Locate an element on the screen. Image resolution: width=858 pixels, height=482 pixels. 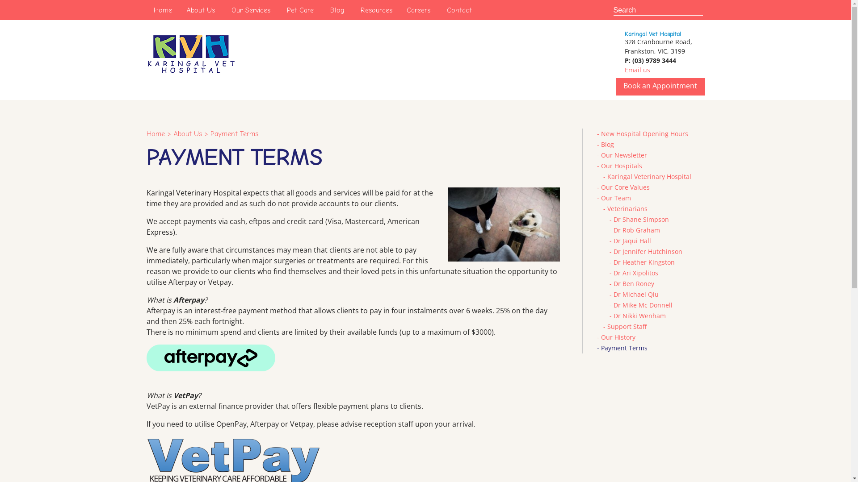
'Careers' is located at coordinates (418, 10).